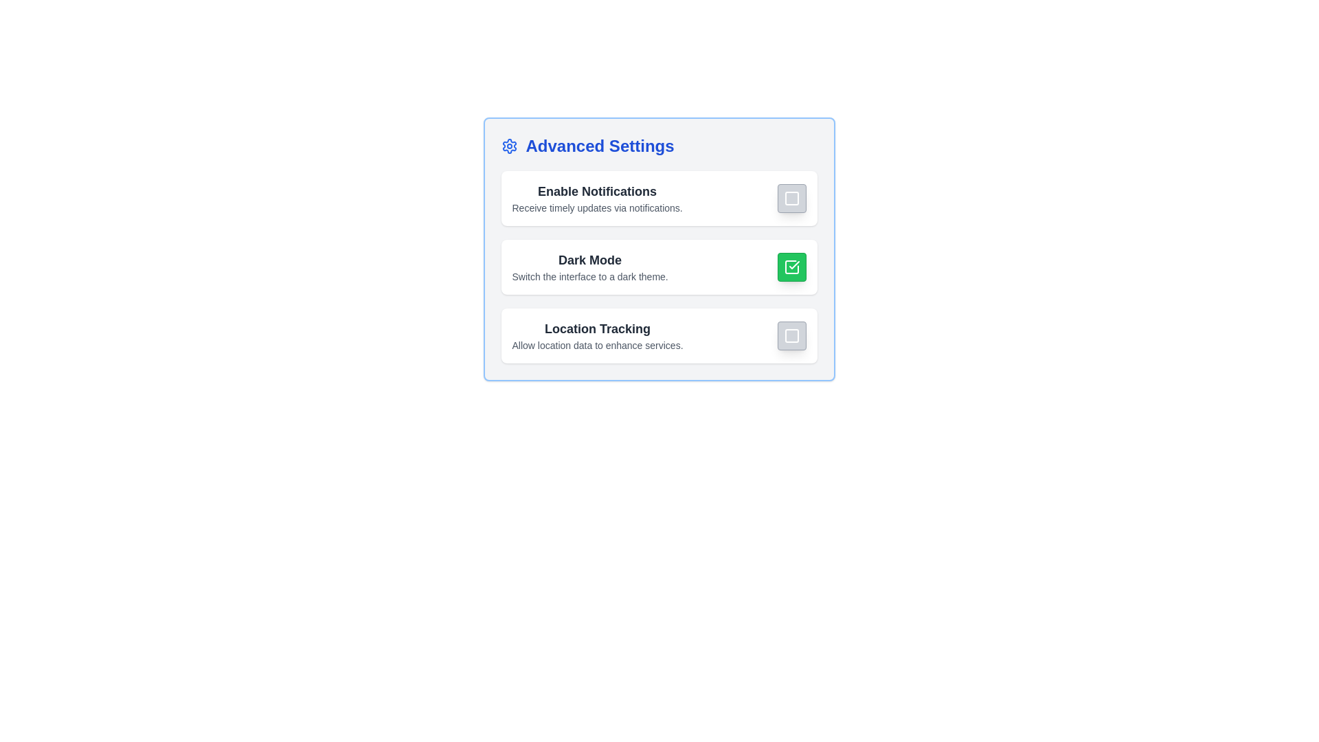 The width and height of the screenshot is (1319, 742). What do you see at coordinates (658, 249) in the screenshot?
I see `the green checkbox in the 'Dark Mode' subsection of the 'Advanced Settings' panel` at bounding box center [658, 249].